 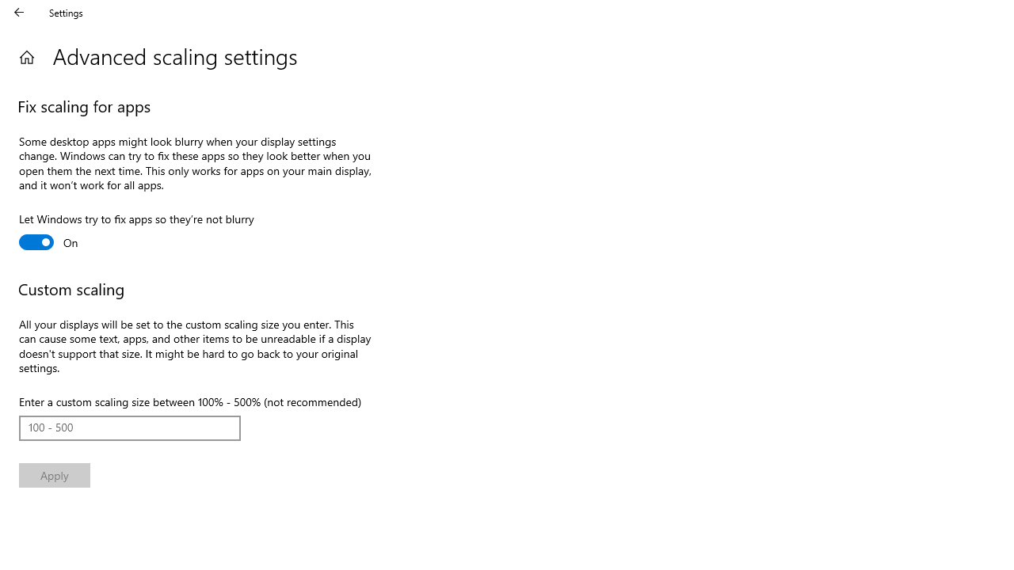 I want to click on 'Apply', so click(x=55, y=474).